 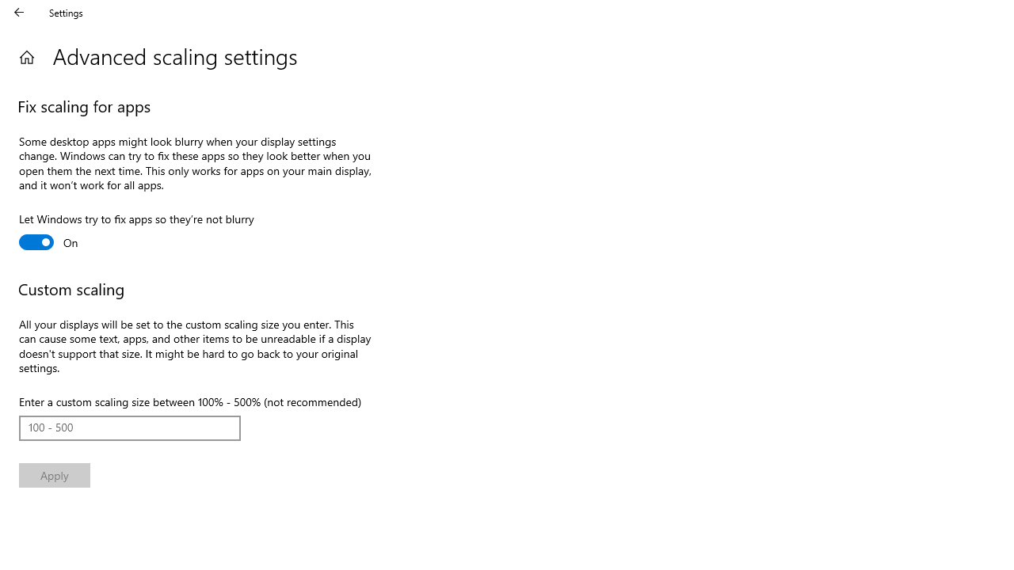 I want to click on 'Apply', so click(x=55, y=474).